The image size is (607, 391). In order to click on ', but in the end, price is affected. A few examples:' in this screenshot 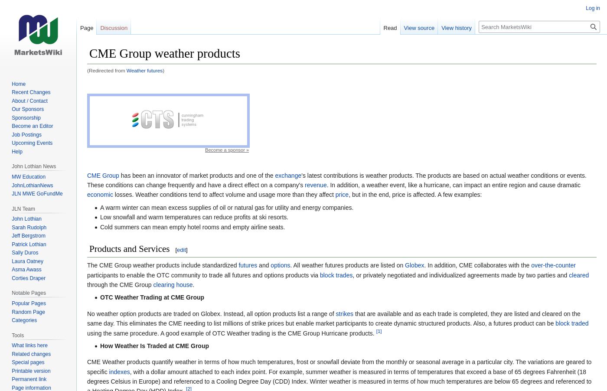, I will do `click(349, 195)`.